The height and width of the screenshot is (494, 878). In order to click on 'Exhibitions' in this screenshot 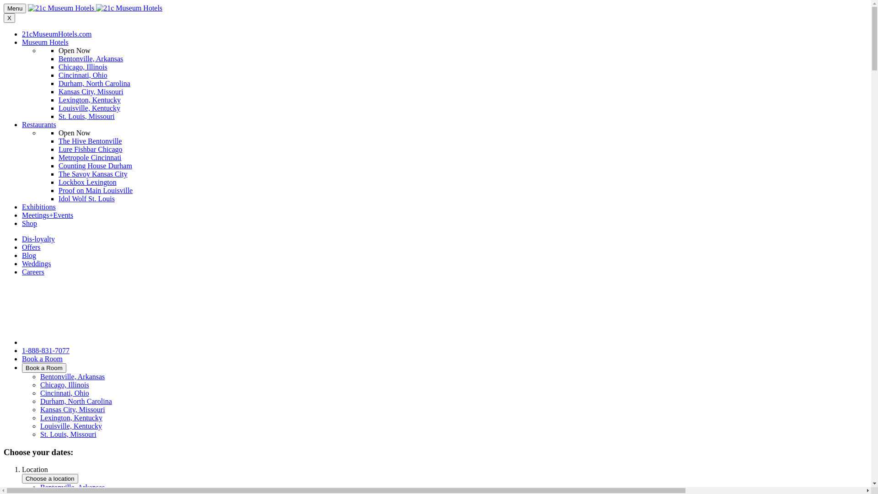, I will do `click(38, 207)`.